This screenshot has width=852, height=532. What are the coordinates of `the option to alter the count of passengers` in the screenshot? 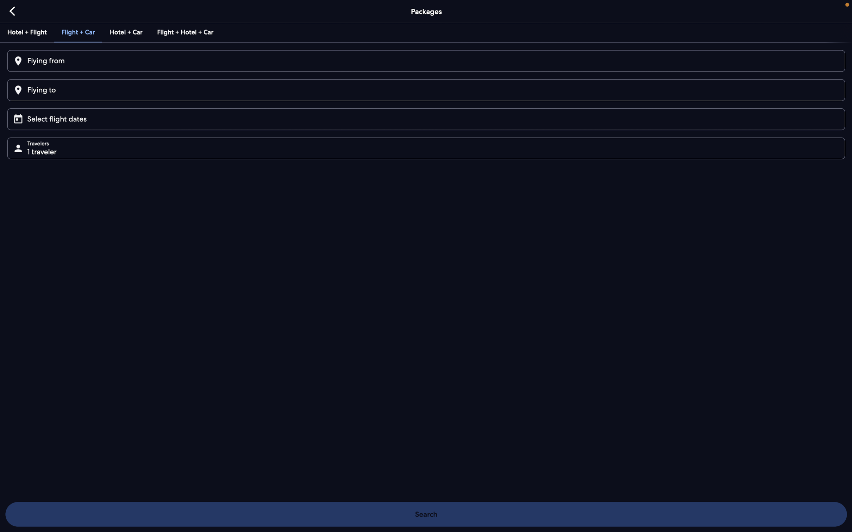 It's located at (428, 147).